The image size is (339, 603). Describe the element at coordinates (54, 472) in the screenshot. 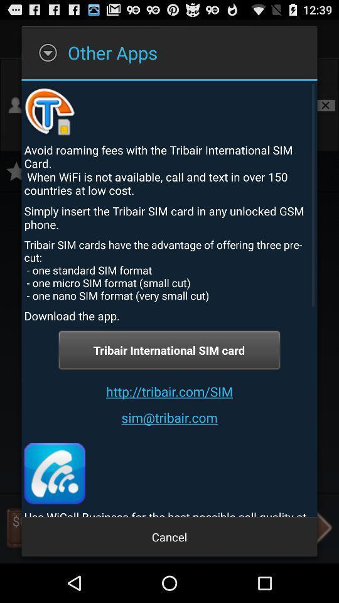

I see `item above use wicall business app` at that location.